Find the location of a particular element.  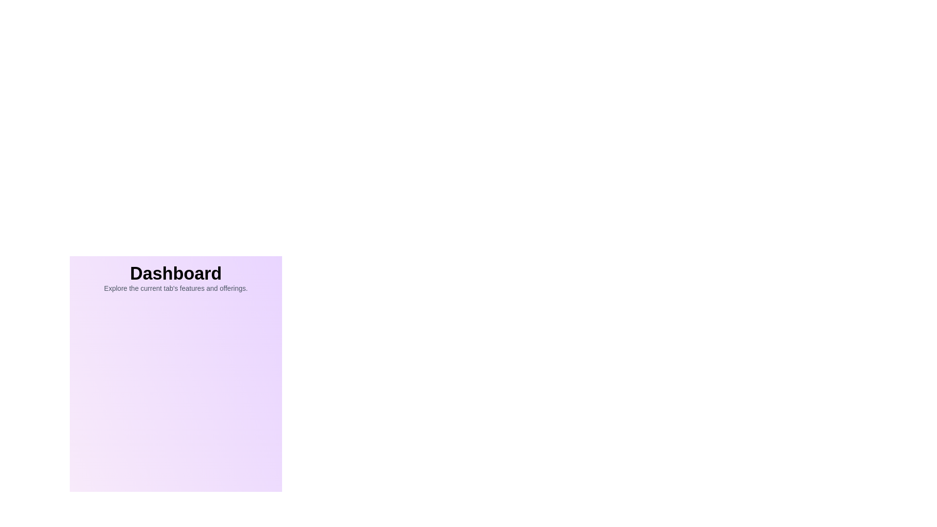

the area displaying the active tab's content and read the text displayed there is located at coordinates (176, 273).